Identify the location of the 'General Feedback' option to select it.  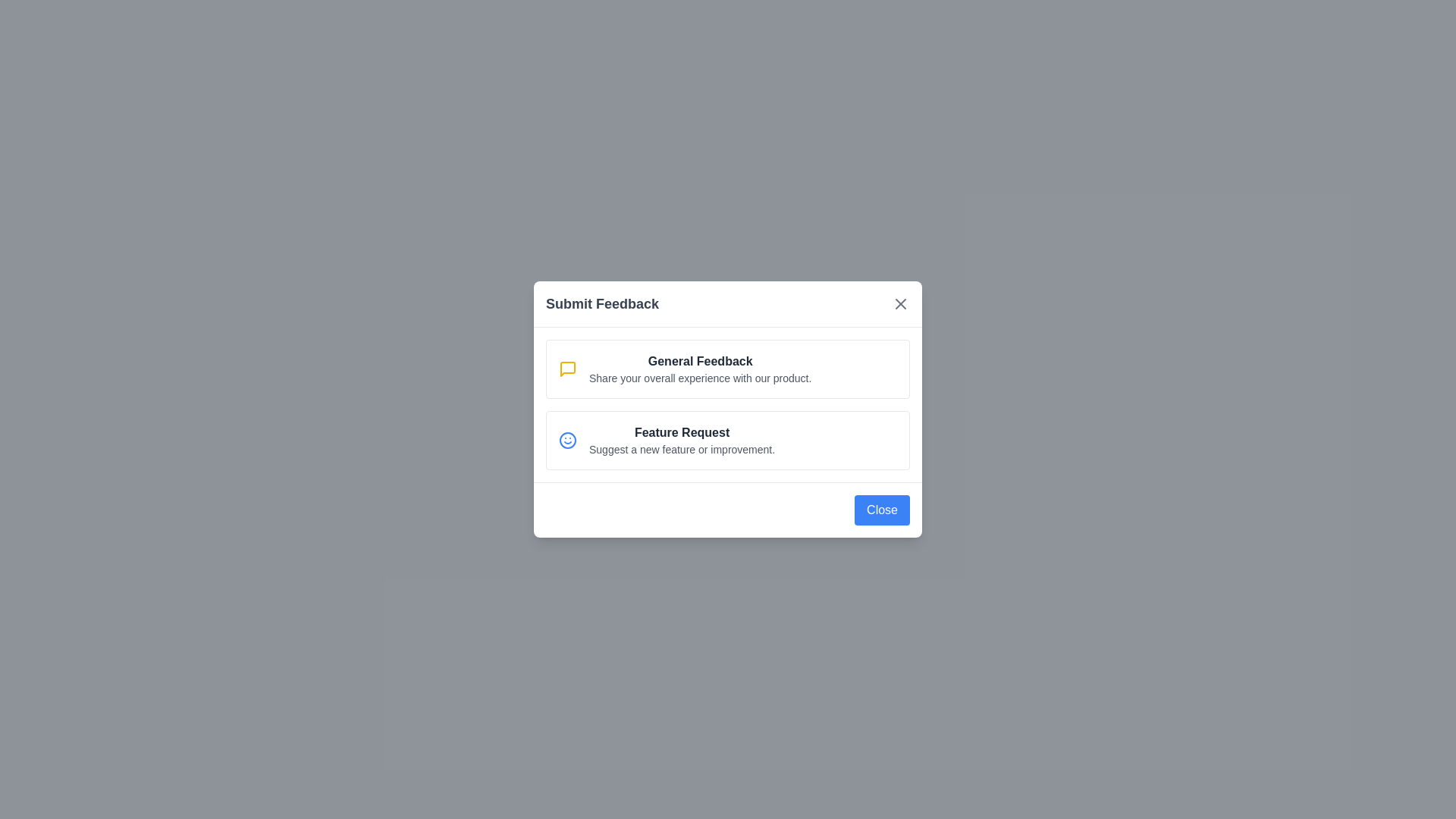
(728, 369).